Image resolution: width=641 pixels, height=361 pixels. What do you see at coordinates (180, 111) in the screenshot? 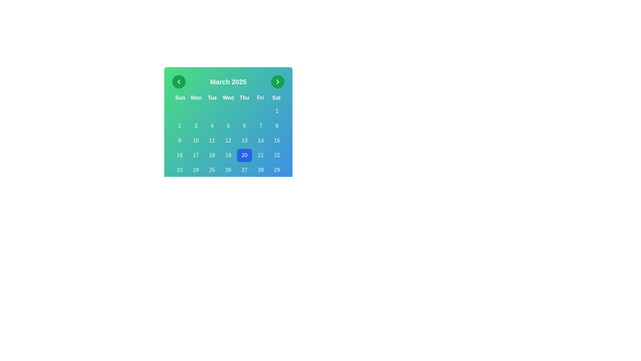
I see `the state of the small, non-interactive dot located in the header section of the calendar grid under the 'Sun' column` at bounding box center [180, 111].